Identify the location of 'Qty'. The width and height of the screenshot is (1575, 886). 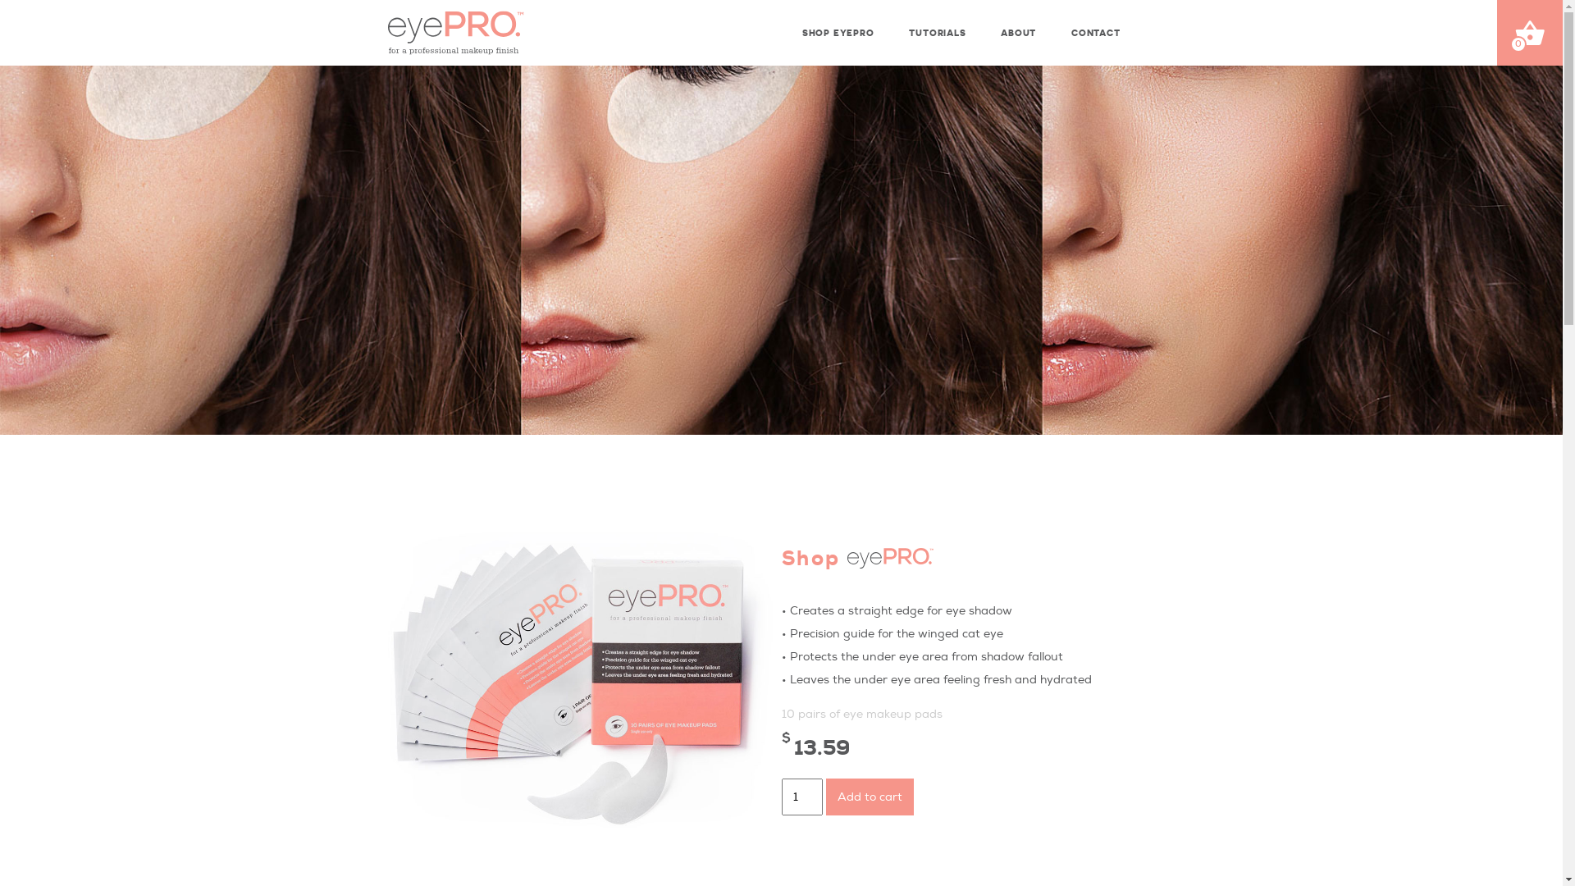
(779, 796).